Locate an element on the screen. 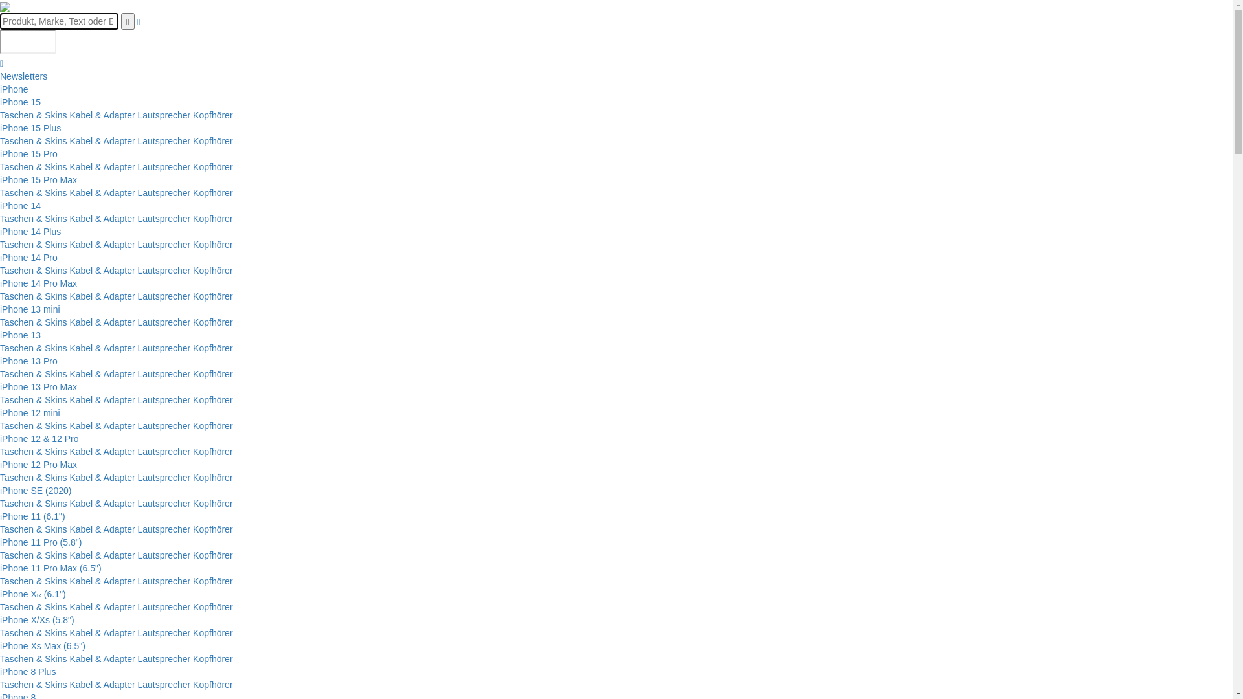  'iPhone 11 (6.1")' is located at coordinates (32, 516).